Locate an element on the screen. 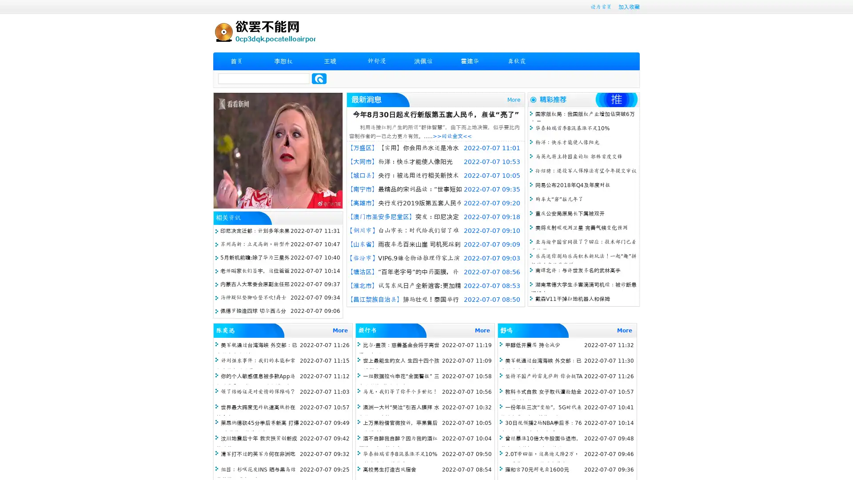 The height and width of the screenshot is (480, 853). Search is located at coordinates (319, 78).